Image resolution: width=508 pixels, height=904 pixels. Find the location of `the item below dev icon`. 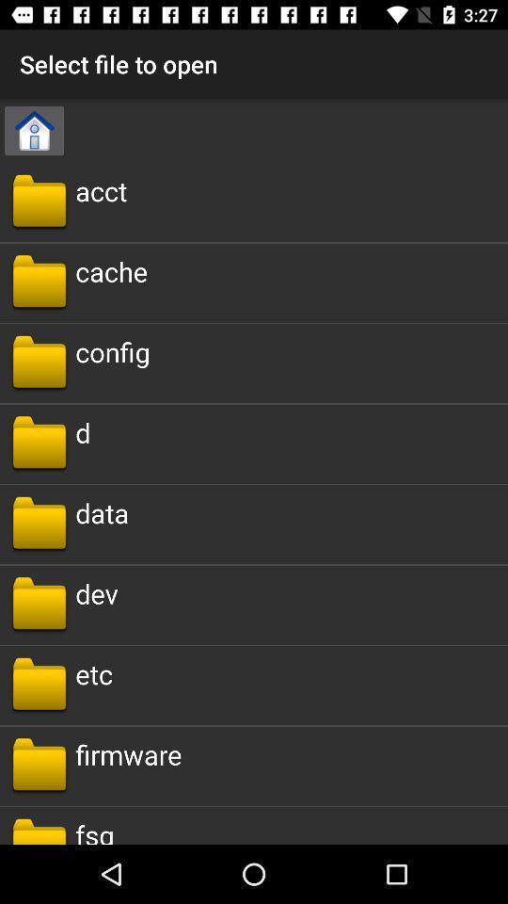

the item below dev icon is located at coordinates (93, 673).